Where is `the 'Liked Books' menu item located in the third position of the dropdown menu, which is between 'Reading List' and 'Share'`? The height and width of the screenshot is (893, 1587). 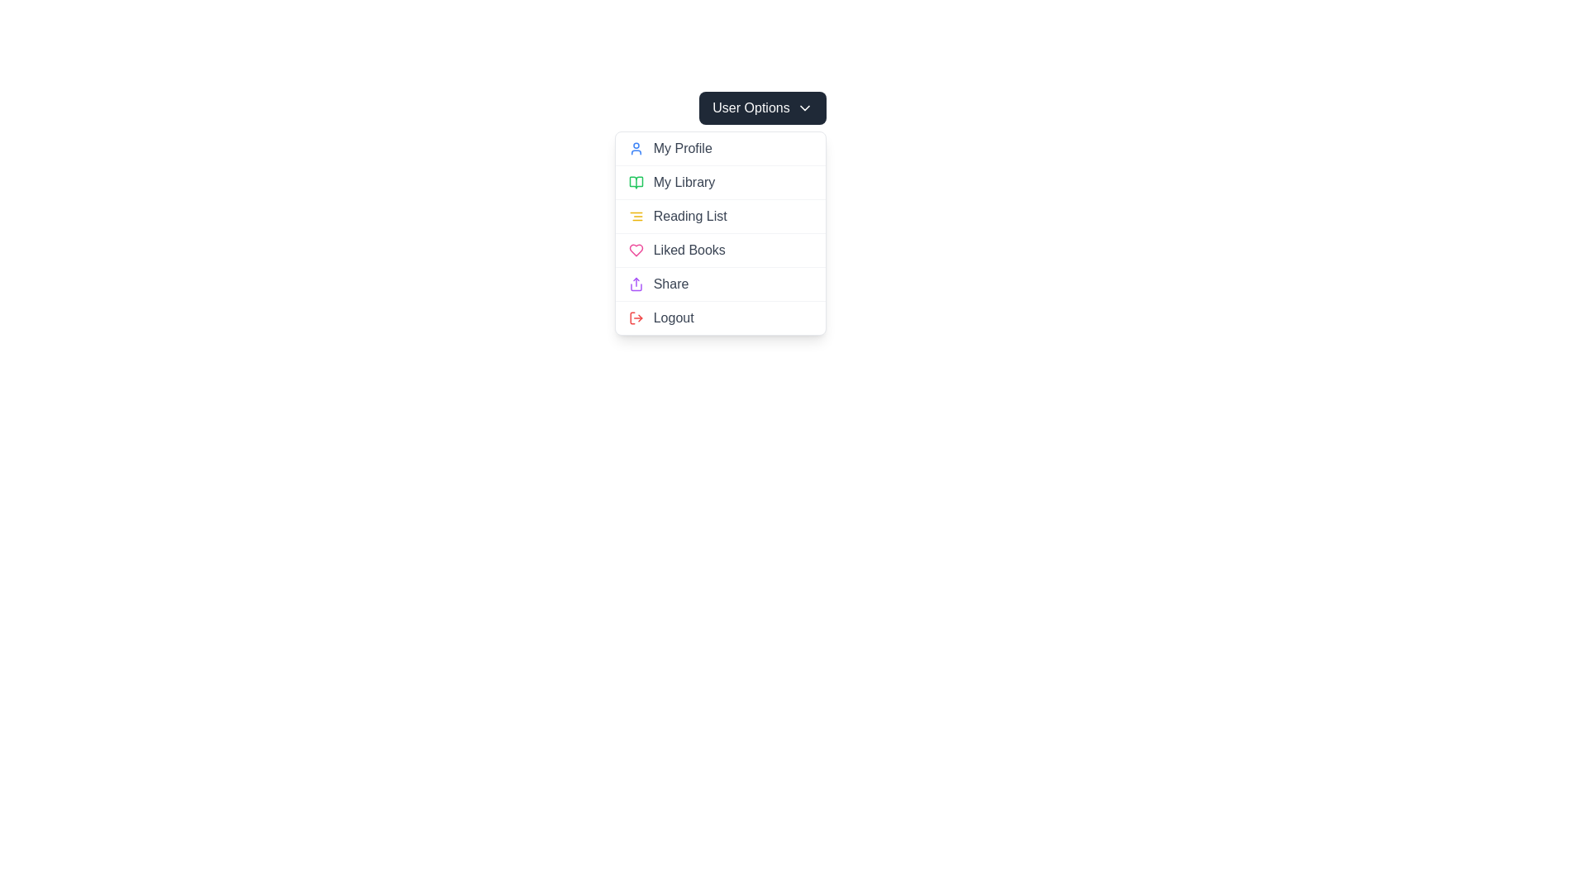
the 'Liked Books' menu item located in the third position of the dropdown menu, which is between 'Reading List' and 'Share' is located at coordinates (720, 251).